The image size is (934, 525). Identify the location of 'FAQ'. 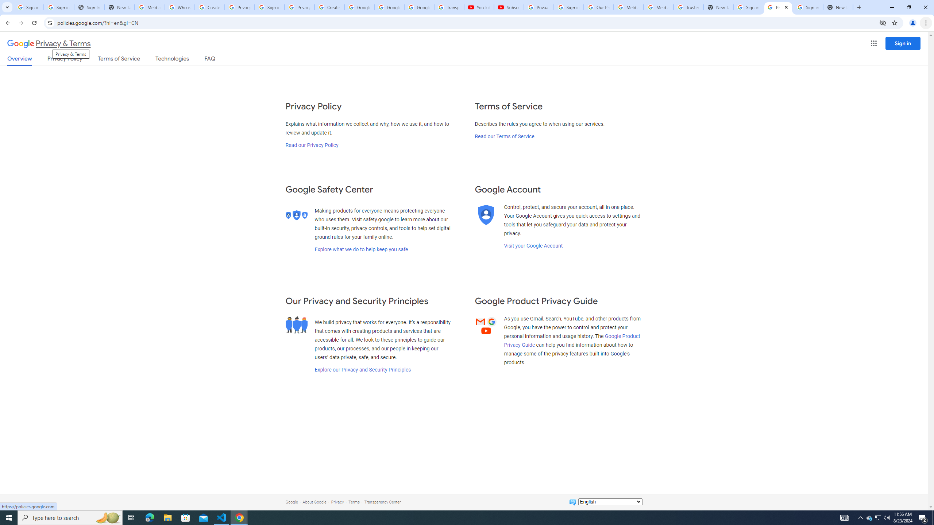
(210, 60).